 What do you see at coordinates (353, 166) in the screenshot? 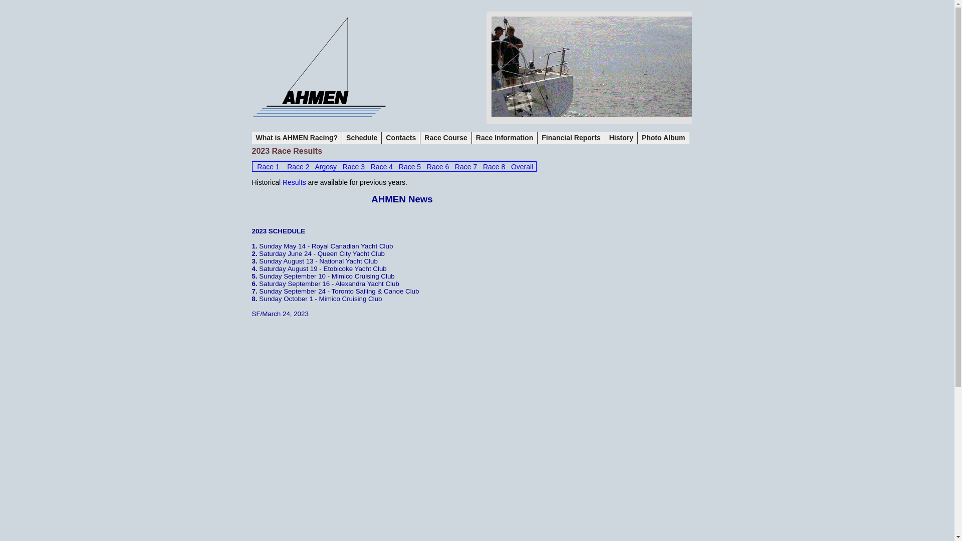
I see `'Race 3'` at bounding box center [353, 166].